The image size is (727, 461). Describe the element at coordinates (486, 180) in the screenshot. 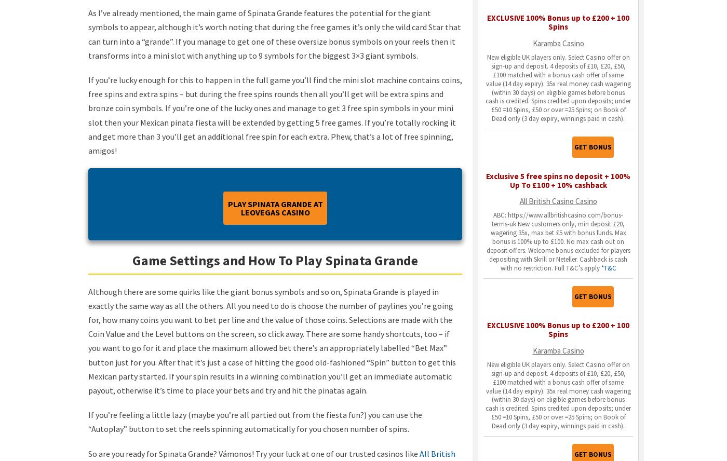

I see `'Exclusive 5 free spins no deposit + 100% Up To £100 + 10% cashback'` at that location.